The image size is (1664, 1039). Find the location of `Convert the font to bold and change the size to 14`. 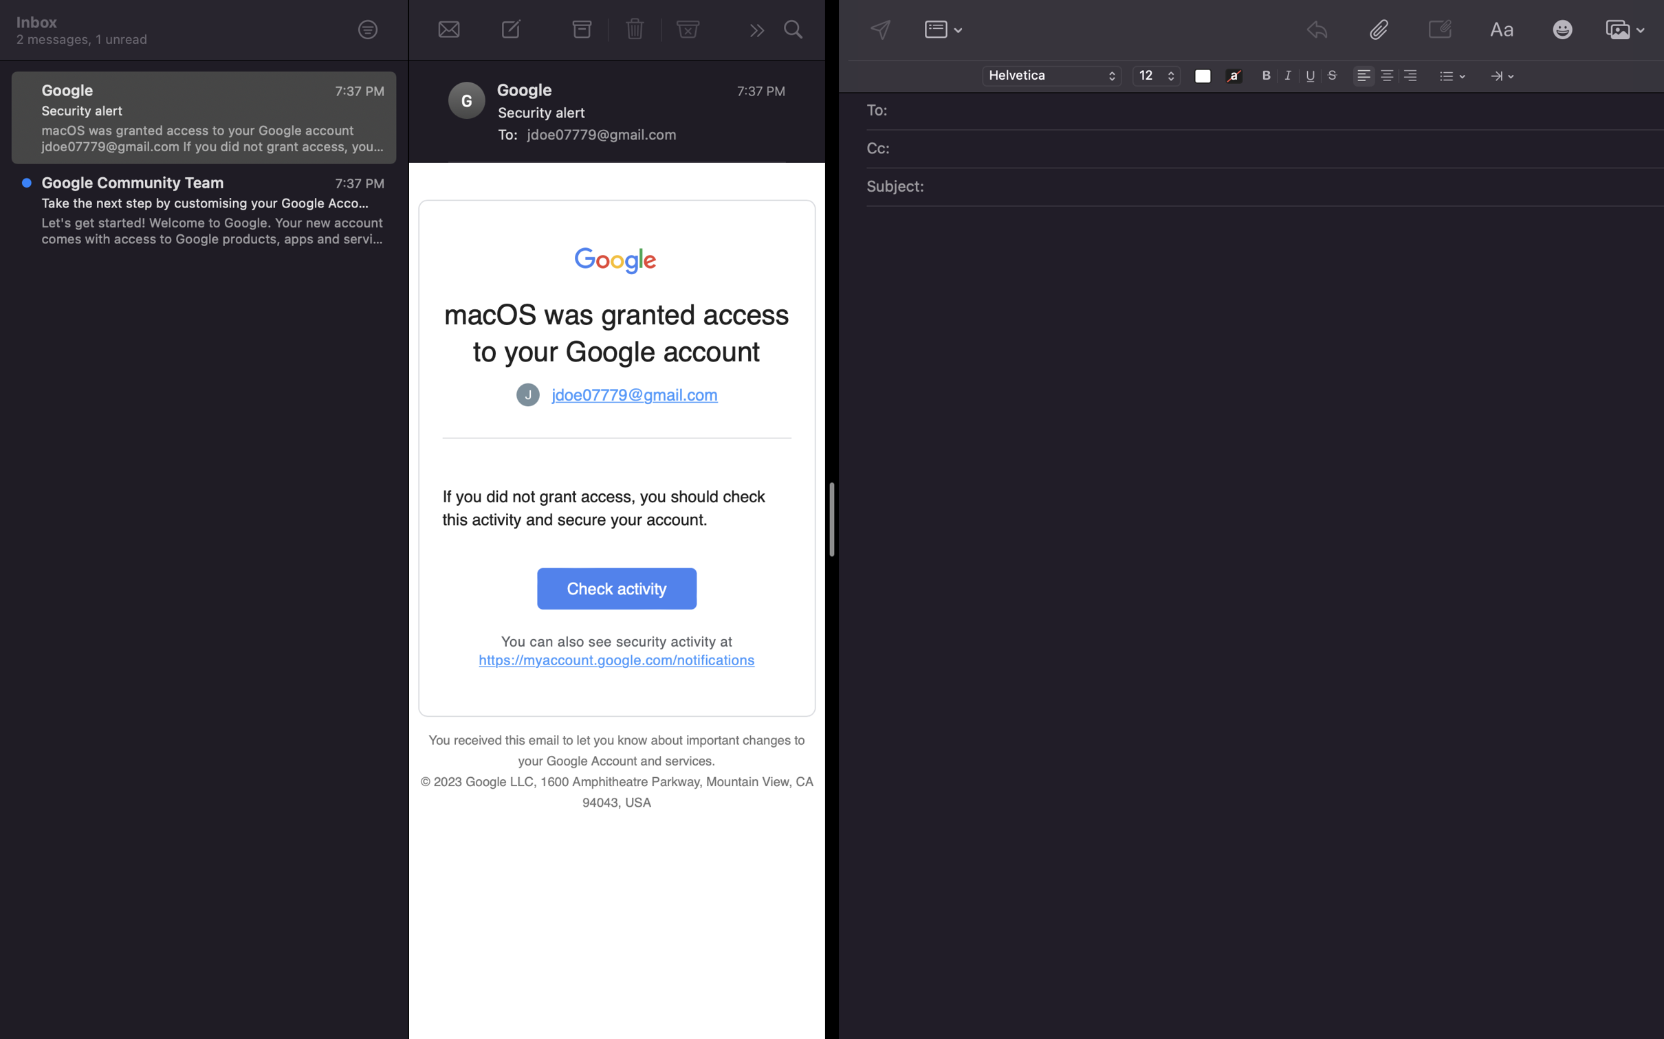

Convert the font to bold and change the size to 14 is located at coordinates (1267, 74).